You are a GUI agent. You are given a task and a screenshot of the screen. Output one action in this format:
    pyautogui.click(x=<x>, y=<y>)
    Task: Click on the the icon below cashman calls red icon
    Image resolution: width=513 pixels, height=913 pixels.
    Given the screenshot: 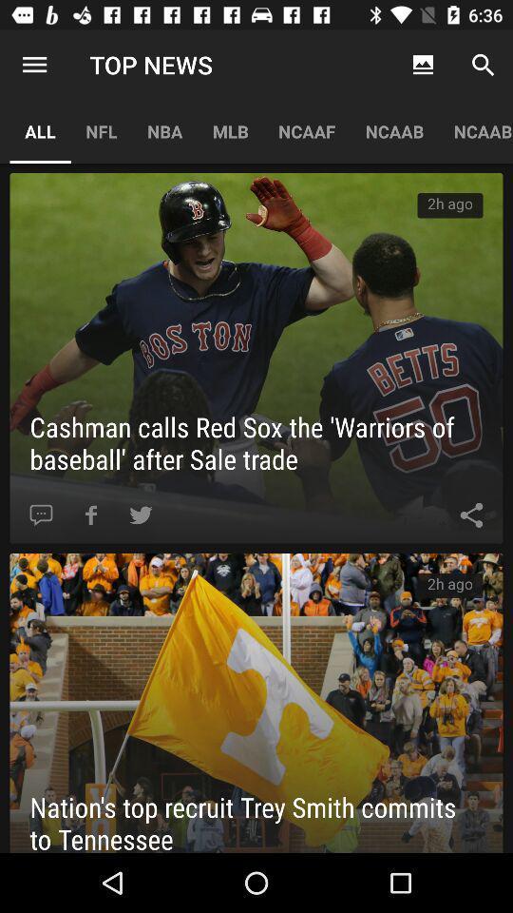 What is the action you would take?
    pyautogui.click(x=140, y=515)
    